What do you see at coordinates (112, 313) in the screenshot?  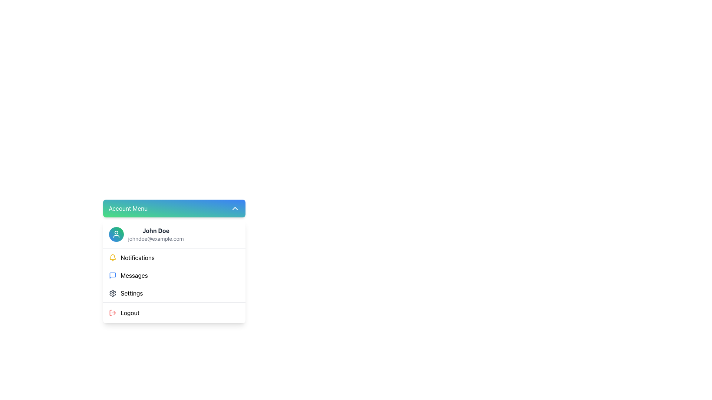 I see `the logout icon, which is the leftmost component within the 'Logout' option in the dropdown menu` at bounding box center [112, 313].